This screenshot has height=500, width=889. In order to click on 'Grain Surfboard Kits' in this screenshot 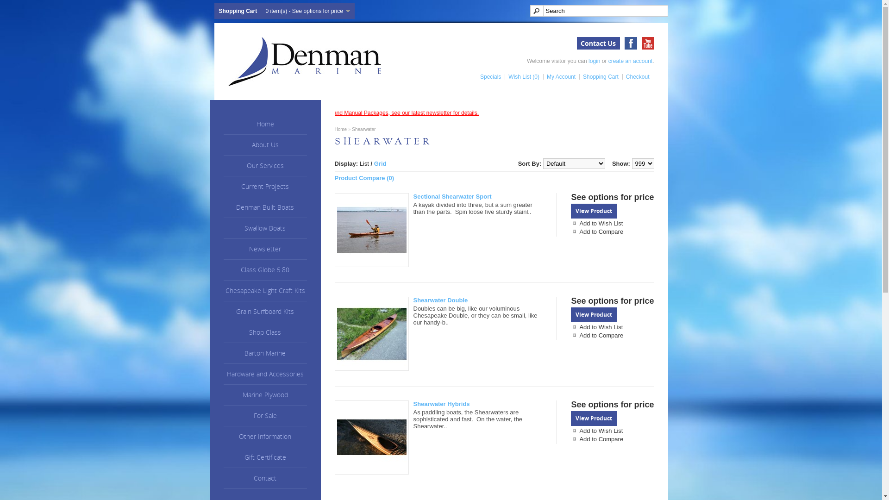, I will do `click(223, 312)`.